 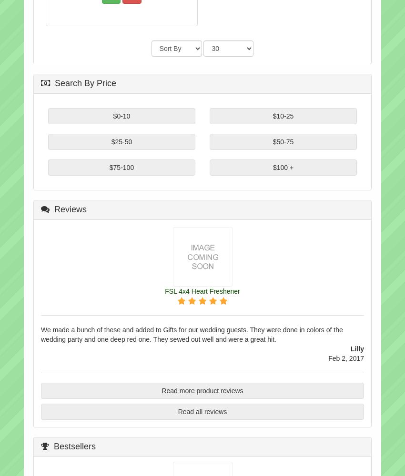 I want to click on 'FSL 4x4 Heart Freshener', so click(x=202, y=290).